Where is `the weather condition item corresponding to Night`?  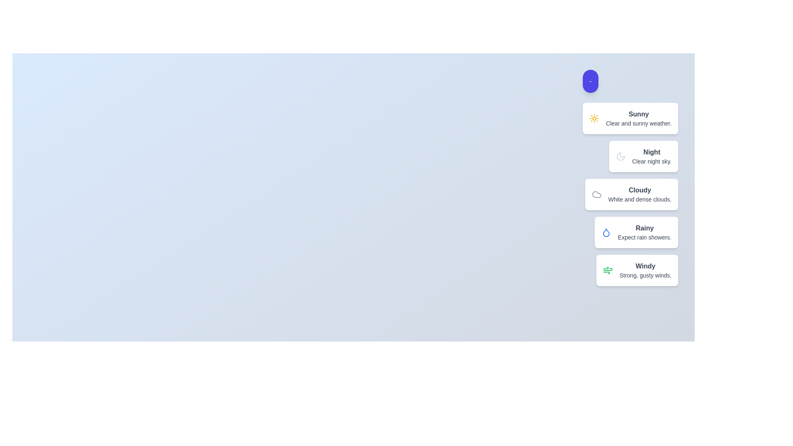 the weather condition item corresponding to Night is located at coordinates (643, 156).